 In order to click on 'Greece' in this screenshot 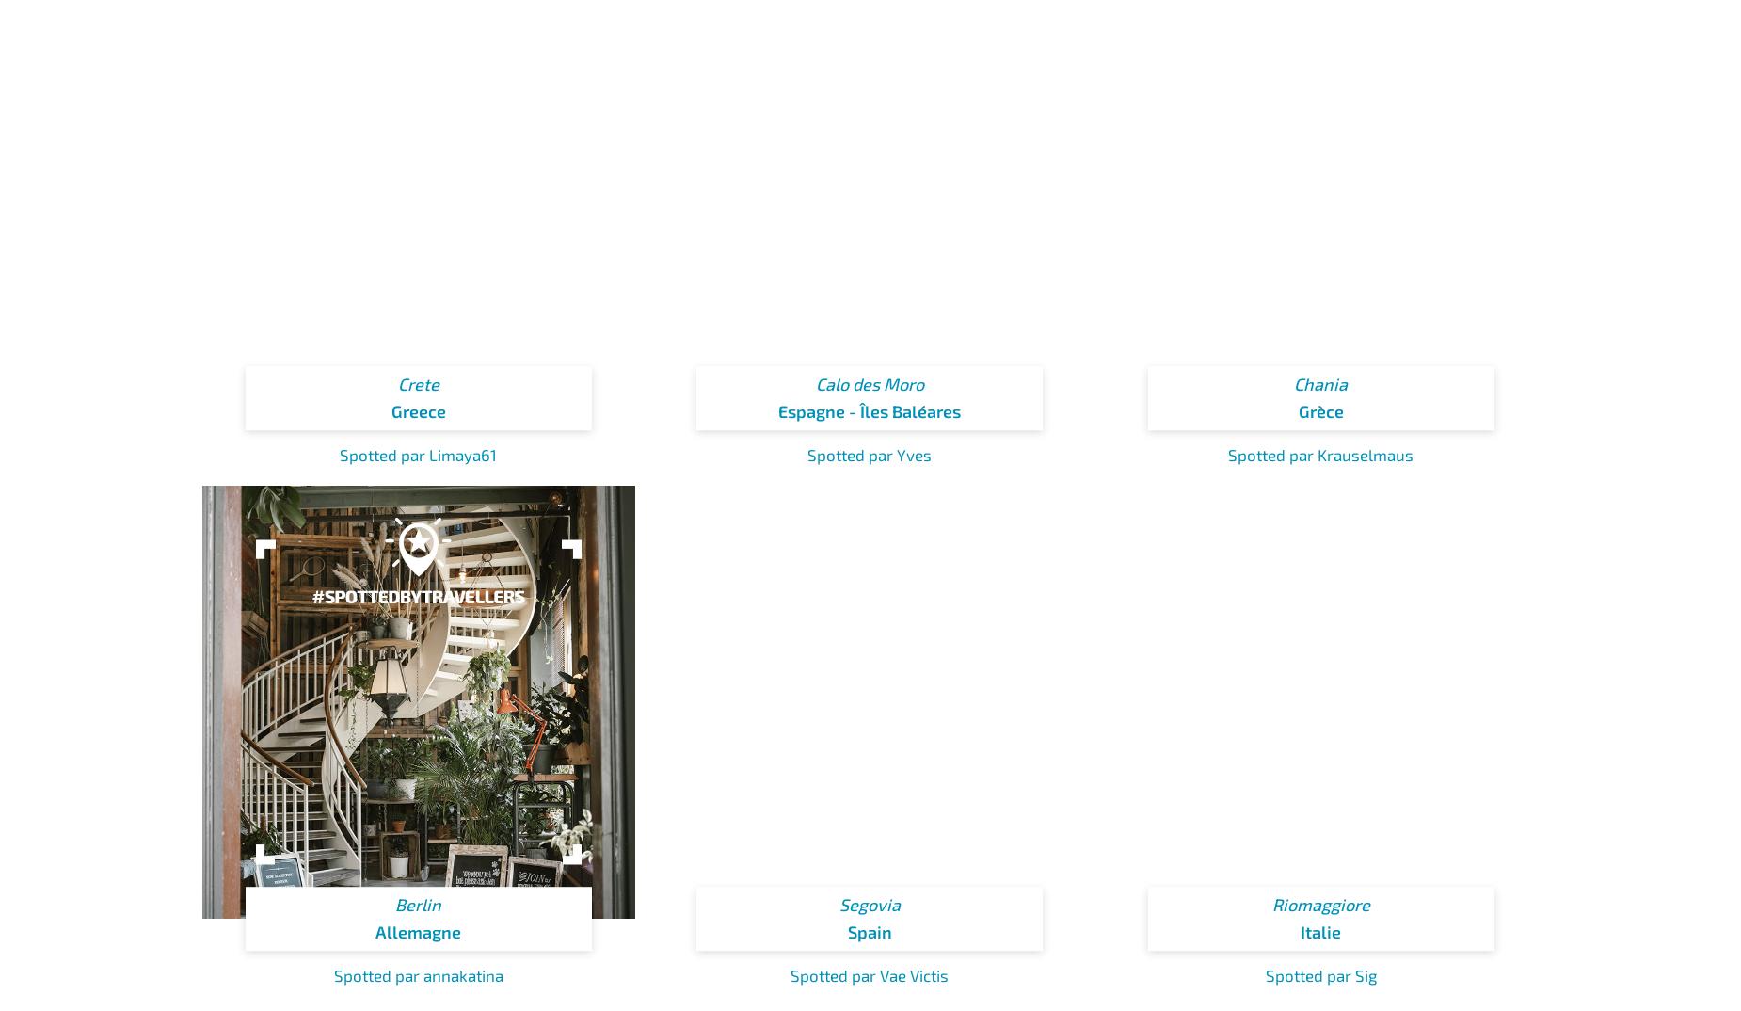, I will do `click(389, 410)`.